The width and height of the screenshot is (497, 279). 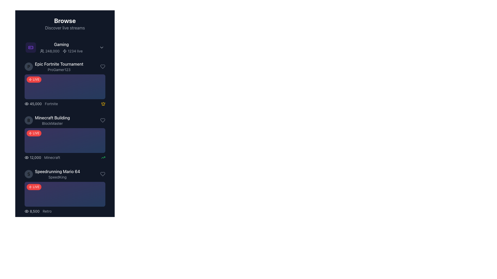 What do you see at coordinates (52, 118) in the screenshot?
I see `the text label reading 'Minecraft Building' which is styled in white font on a dark background, located in the second list item under the 'Browse' section above 'BlockMaster'` at bounding box center [52, 118].